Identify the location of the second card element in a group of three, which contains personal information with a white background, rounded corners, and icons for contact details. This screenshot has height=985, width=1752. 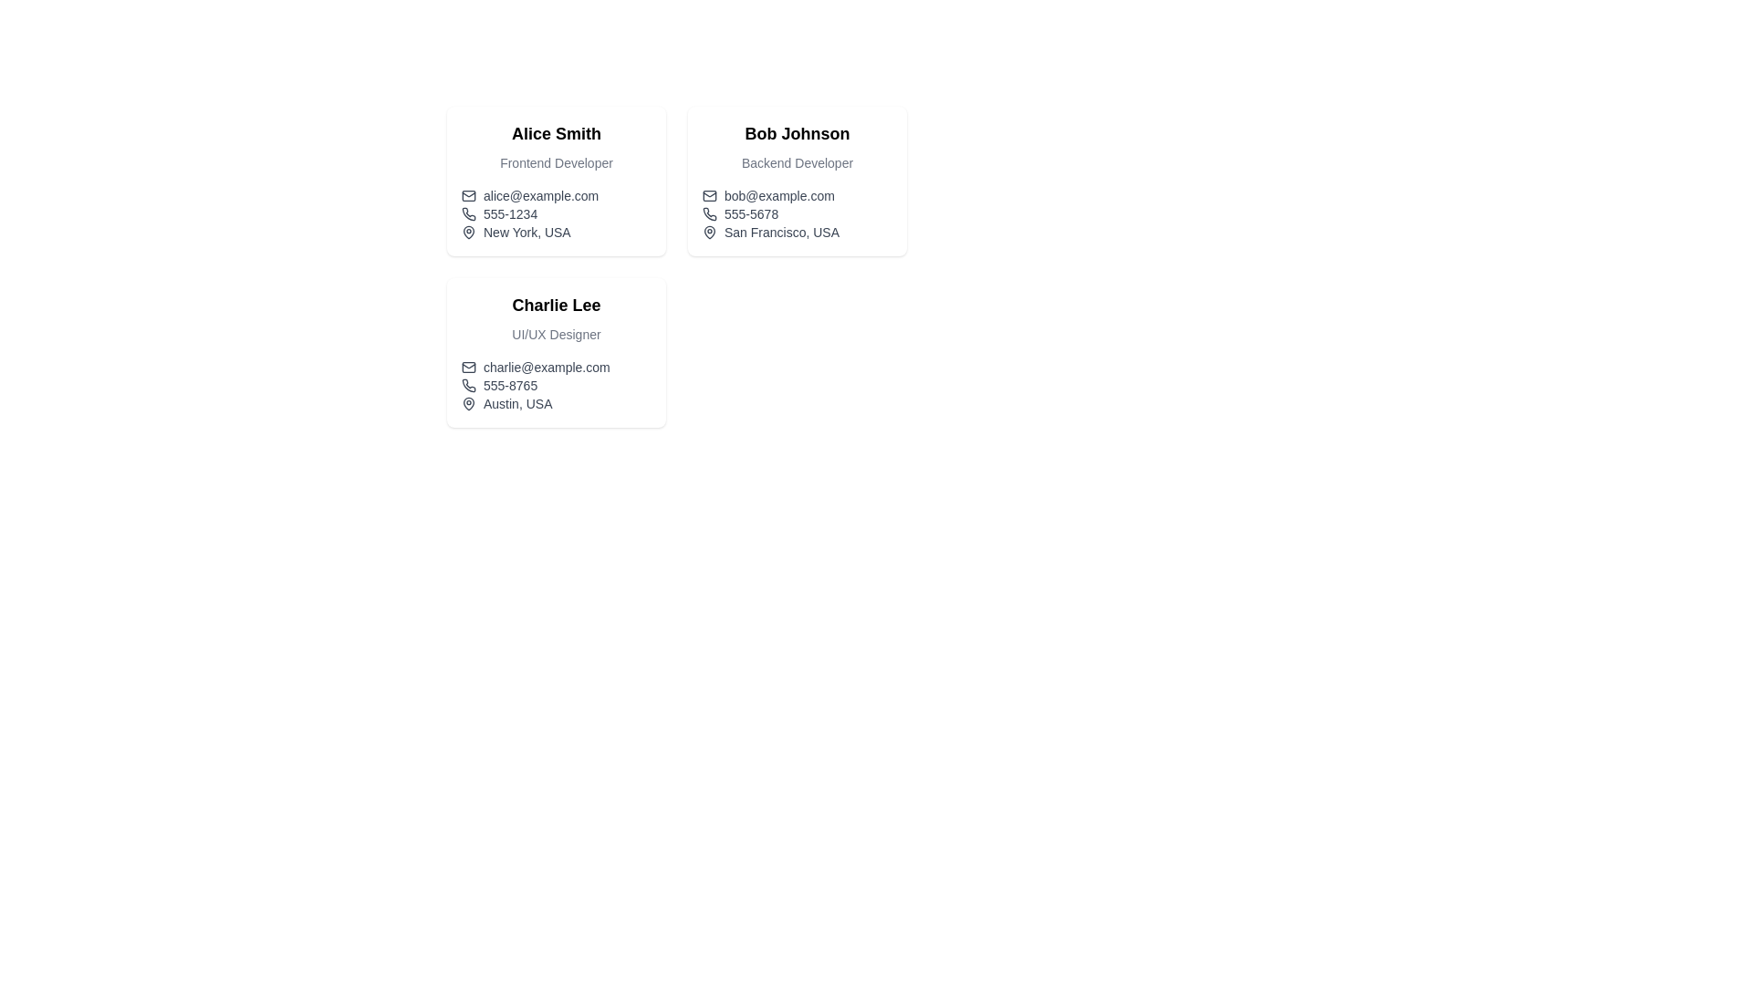
(797, 181).